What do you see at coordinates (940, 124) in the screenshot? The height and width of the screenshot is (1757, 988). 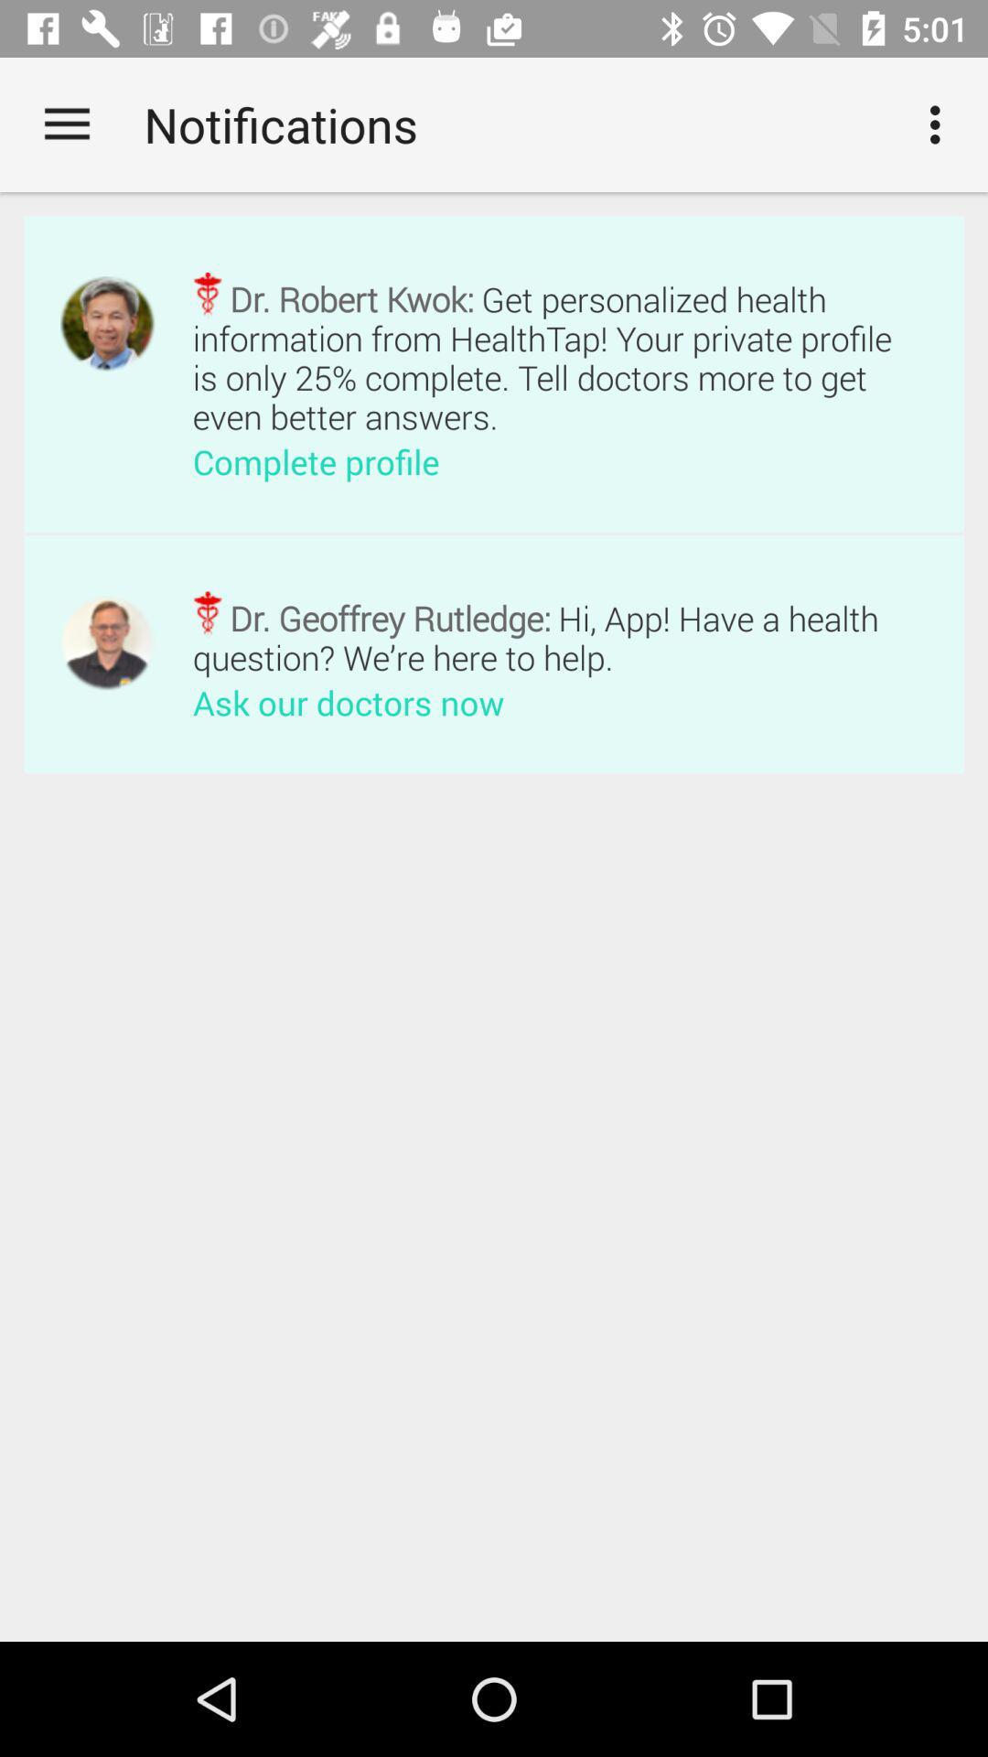 I see `the icon at the top right corner` at bounding box center [940, 124].